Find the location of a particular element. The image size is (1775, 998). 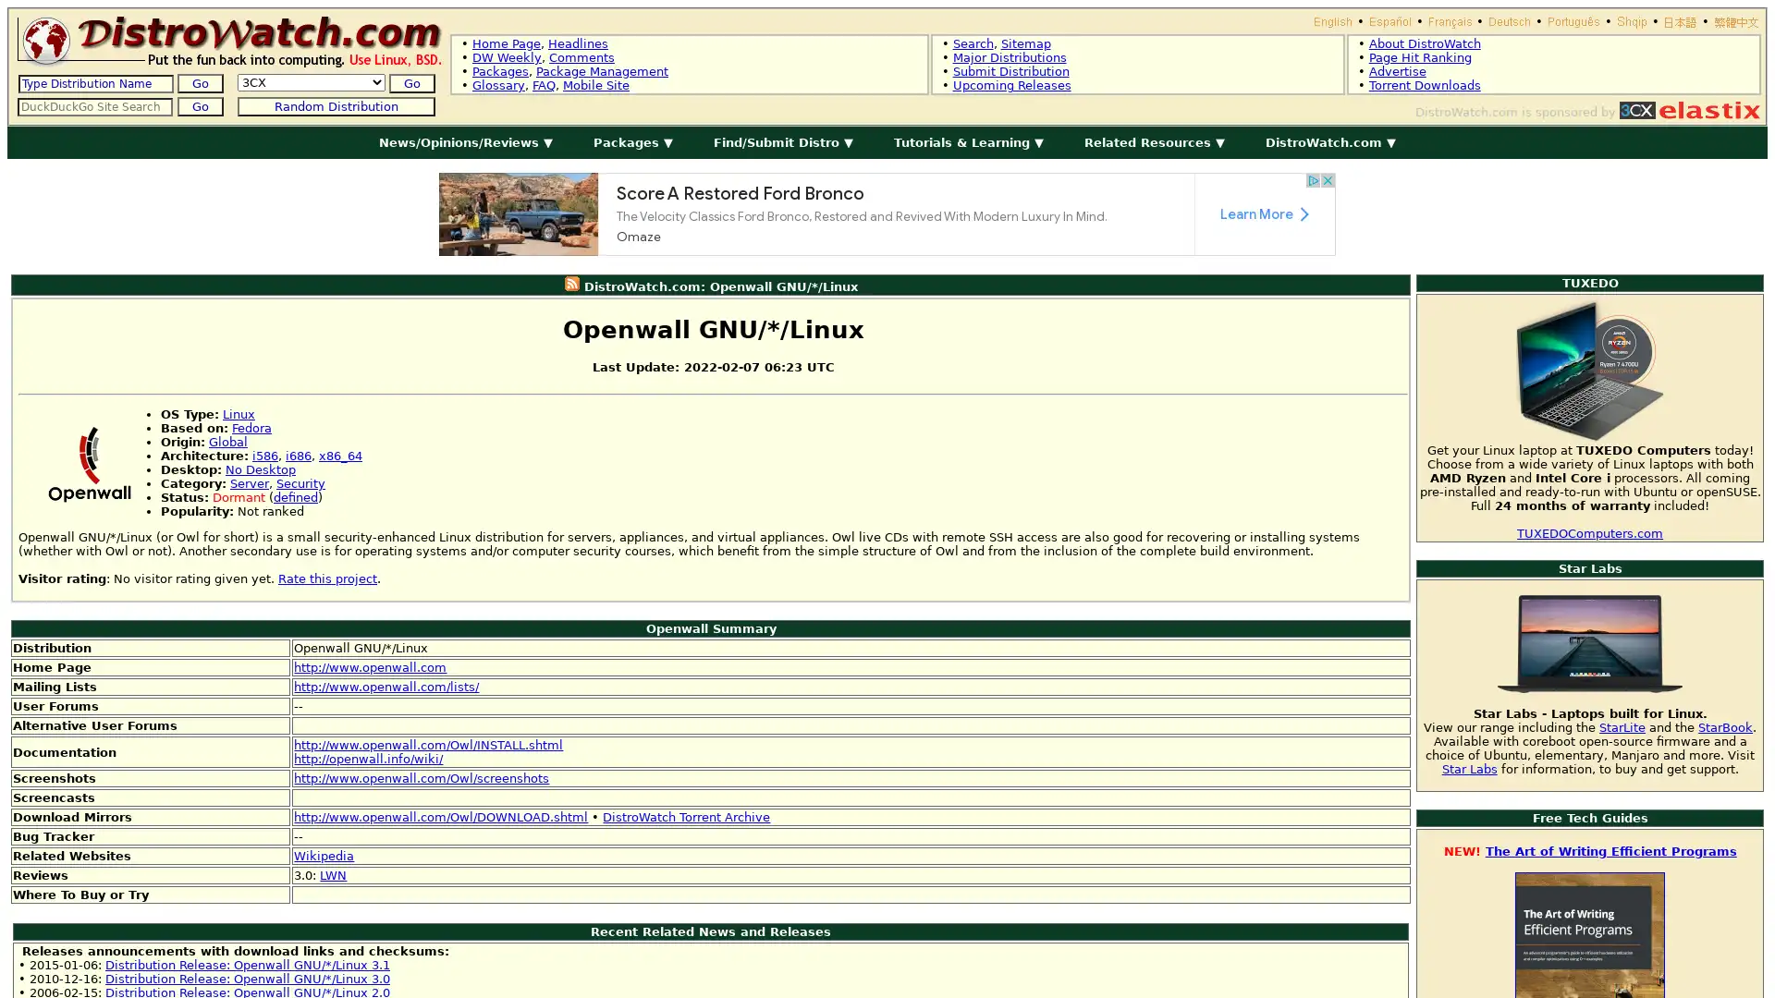

Random Distribution is located at coordinates (336, 106).